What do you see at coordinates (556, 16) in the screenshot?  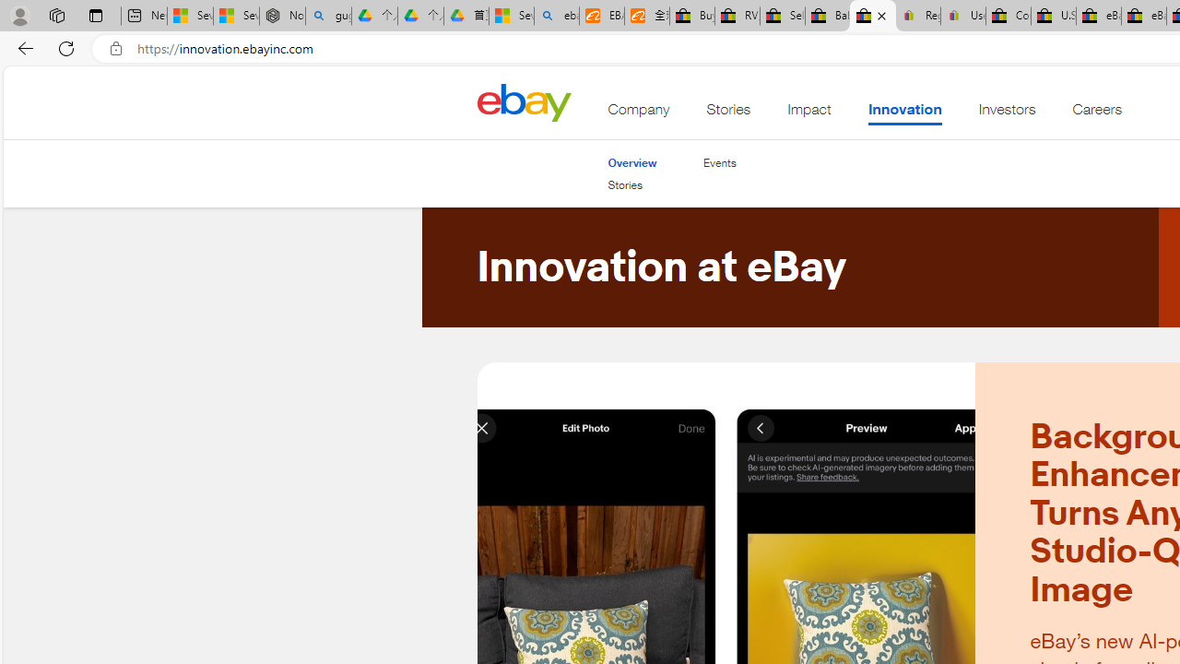 I see `'ebay - Search'` at bounding box center [556, 16].